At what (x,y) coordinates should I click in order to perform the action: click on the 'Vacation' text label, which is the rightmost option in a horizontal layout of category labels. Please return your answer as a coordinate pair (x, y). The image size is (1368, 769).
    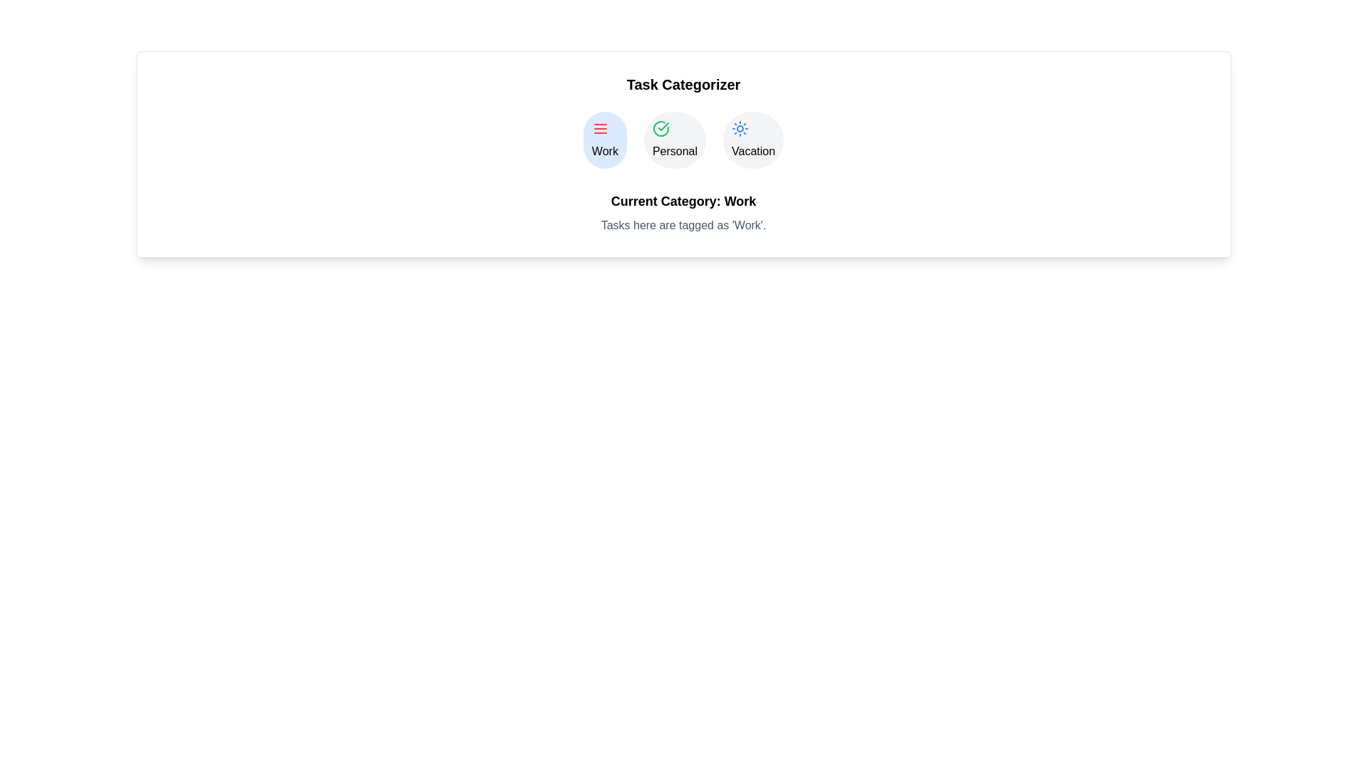
    Looking at the image, I should click on (752, 151).